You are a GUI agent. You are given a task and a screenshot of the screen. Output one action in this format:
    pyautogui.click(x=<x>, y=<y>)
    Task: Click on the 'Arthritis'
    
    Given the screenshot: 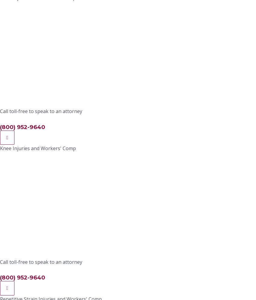 What is the action you would take?
    pyautogui.click(x=63, y=152)
    